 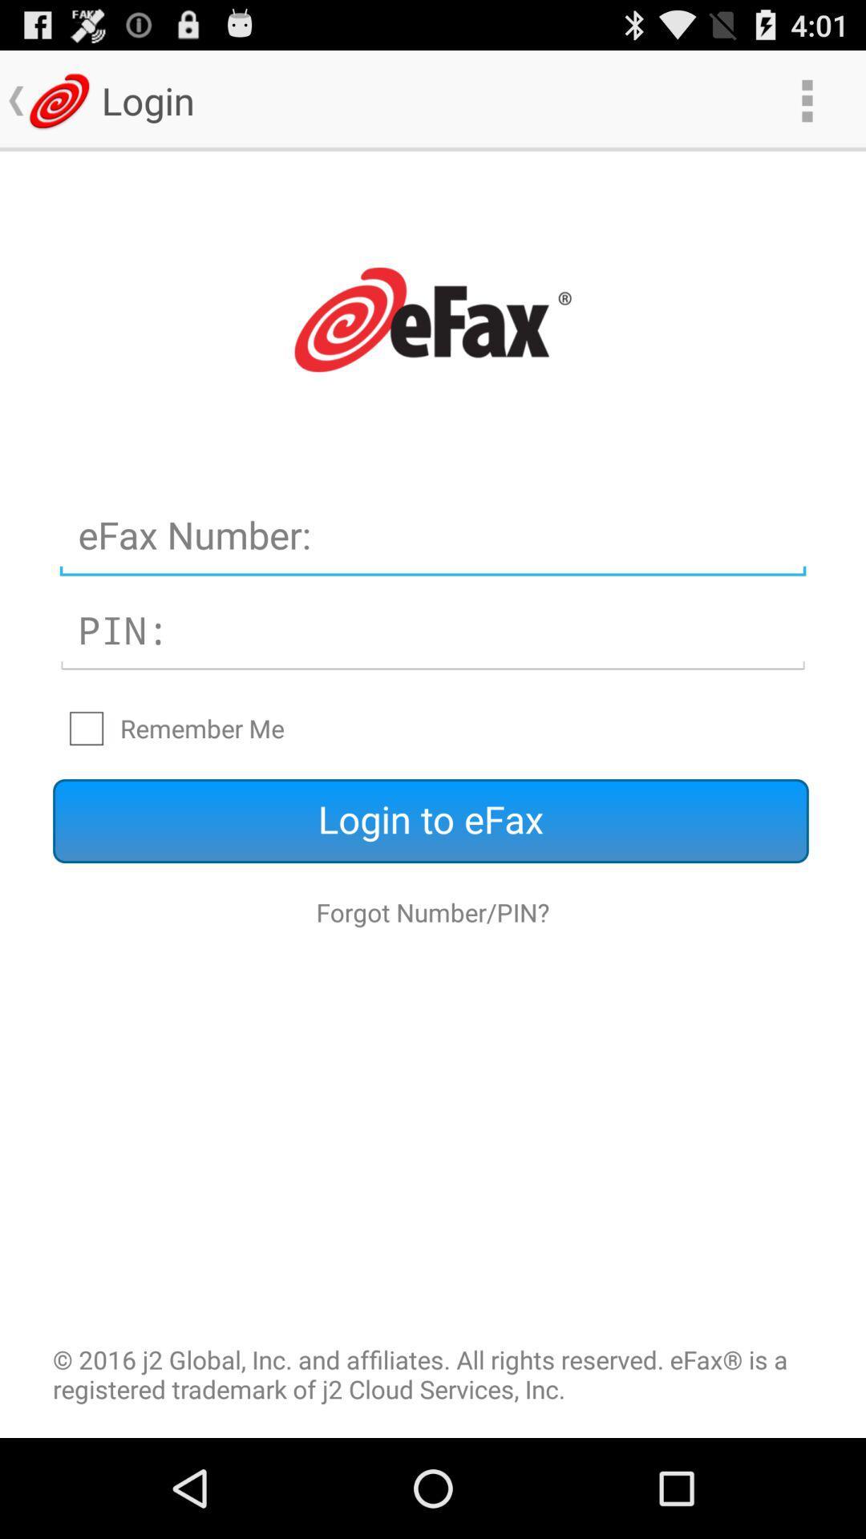 What do you see at coordinates (807, 99) in the screenshot?
I see `the item next to login` at bounding box center [807, 99].